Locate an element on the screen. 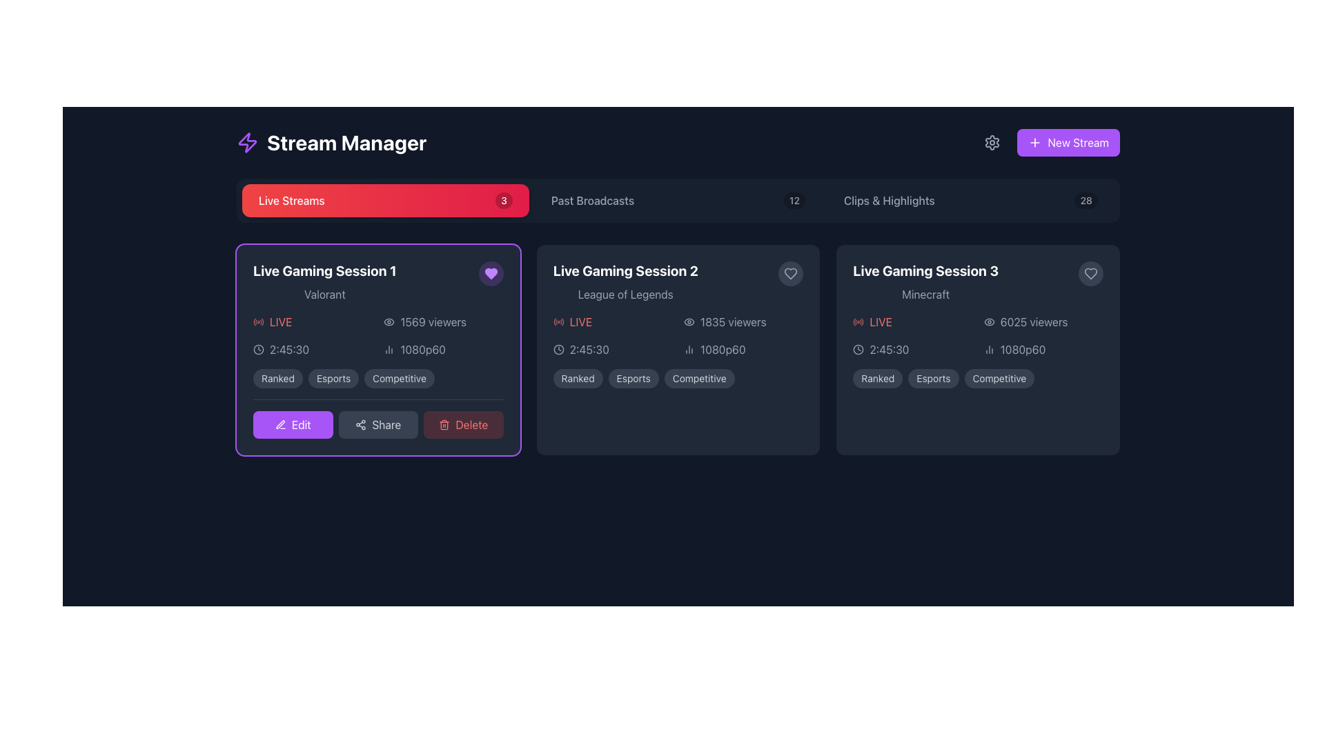  the content of the third label located at the bottom of the 'Live Gaming Session 3' card, which categorizes or tags the session is located at coordinates (999, 378).